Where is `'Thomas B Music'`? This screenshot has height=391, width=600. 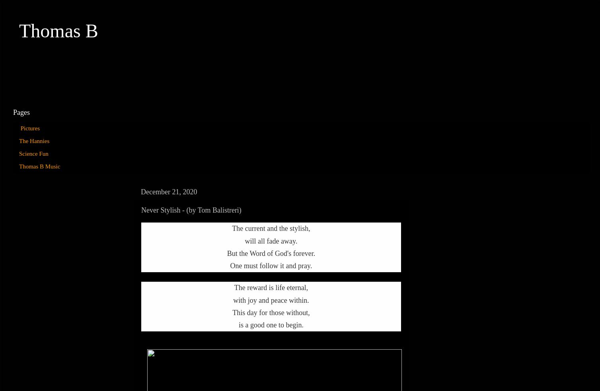
'Thomas B Music' is located at coordinates (39, 166).